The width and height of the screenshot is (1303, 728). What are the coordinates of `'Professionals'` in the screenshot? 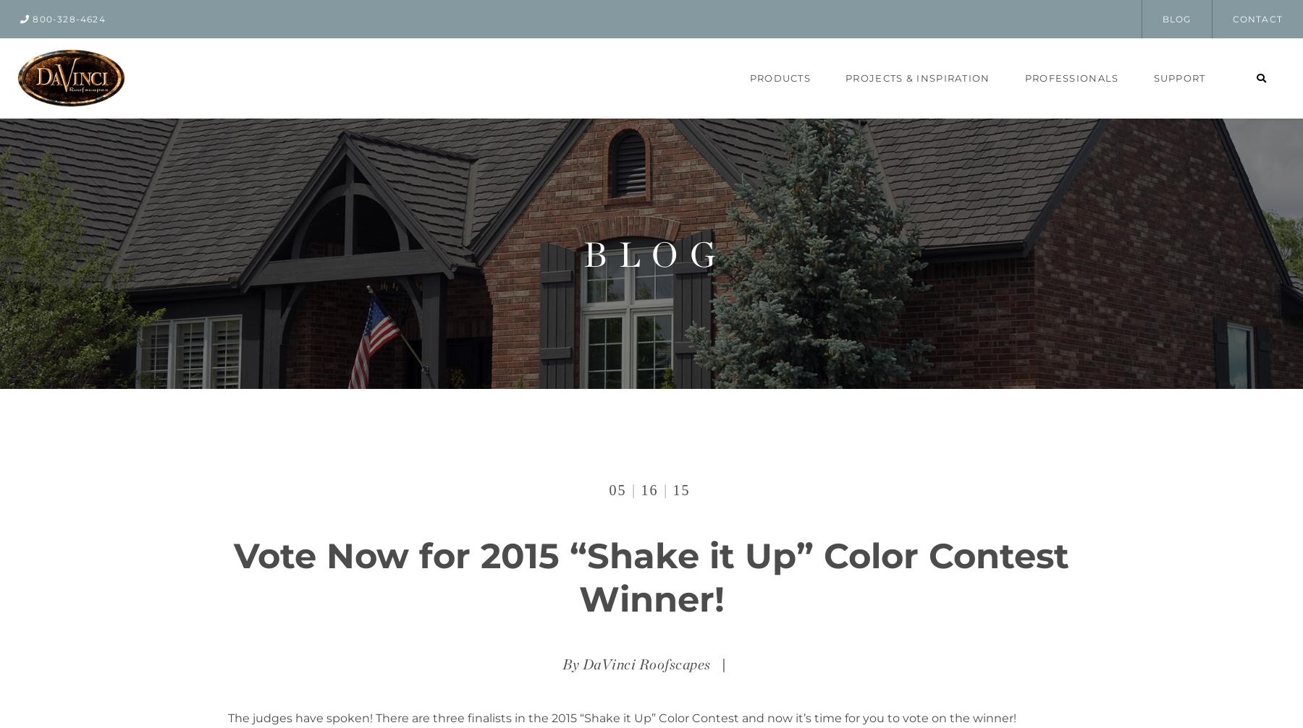 It's located at (1023, 77).